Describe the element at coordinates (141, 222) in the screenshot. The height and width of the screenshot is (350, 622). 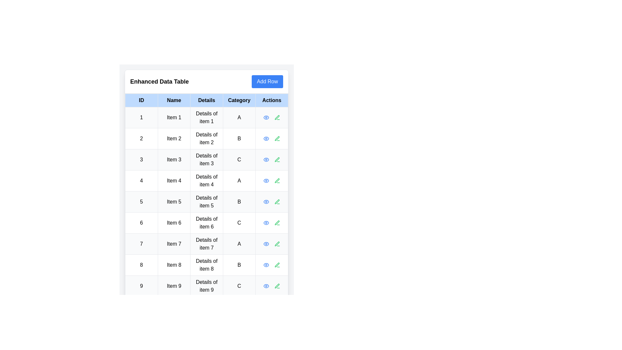
I see `on the table cell containing the text '6' in the first column of the sixth row` at that location.